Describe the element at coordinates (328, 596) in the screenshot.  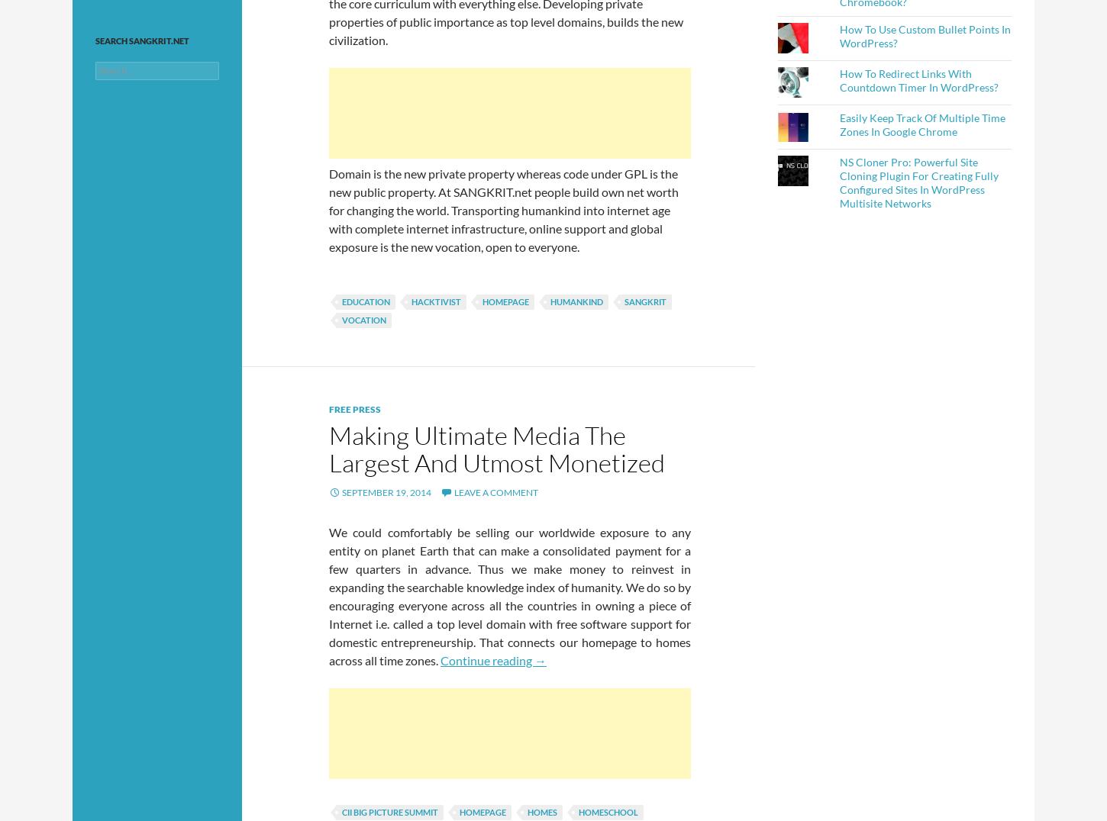
I see `'We could comfortably be selling our worldwide exposure to any entity on planet Earth that can make a consolidated payment for a few quarters in advance. Thus we make money to reinvest in expanding the searchable knowledge index of humanity. We do so by encouraging everyone across all the countries in owning a piece of Internet i.e. called a top level domain with free software support for domestic entrepreneurship. That connects our homepage to homes across all time zones.'` at that location.